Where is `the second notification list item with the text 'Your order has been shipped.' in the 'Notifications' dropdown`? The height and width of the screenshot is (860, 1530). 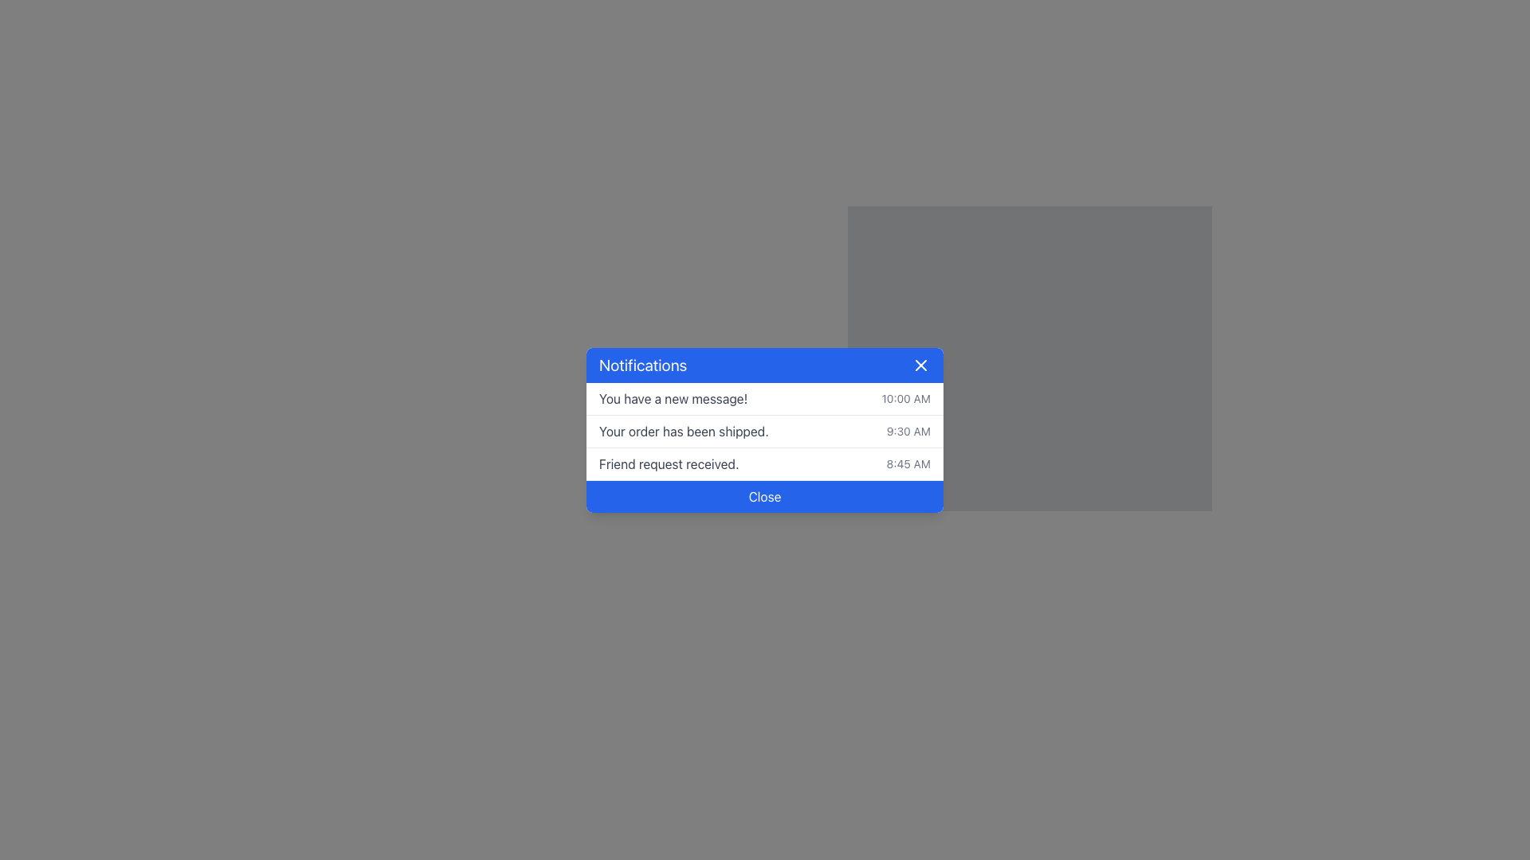 the second notification list item with the text 'Your order has been shipped.' in the 'Notifications' dropdown is located at coordinates (765, 432).